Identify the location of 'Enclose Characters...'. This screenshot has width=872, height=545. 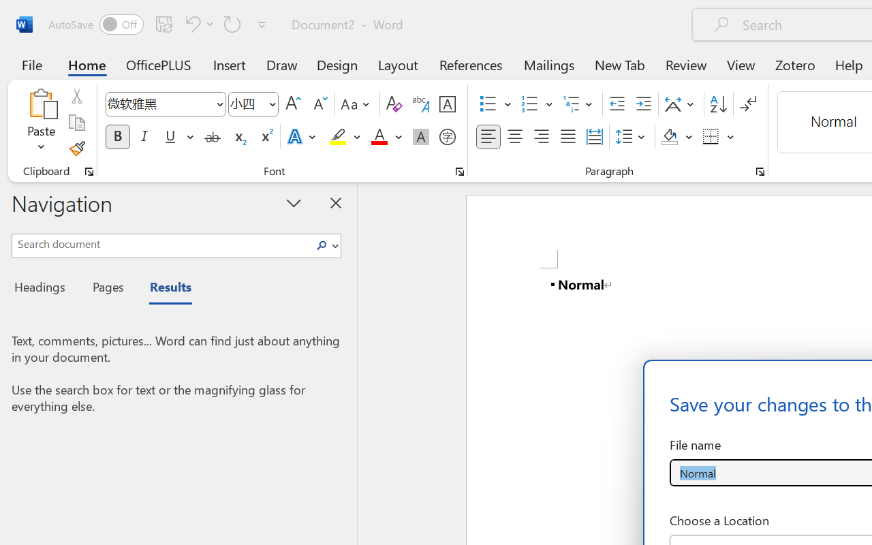
(447, 137).